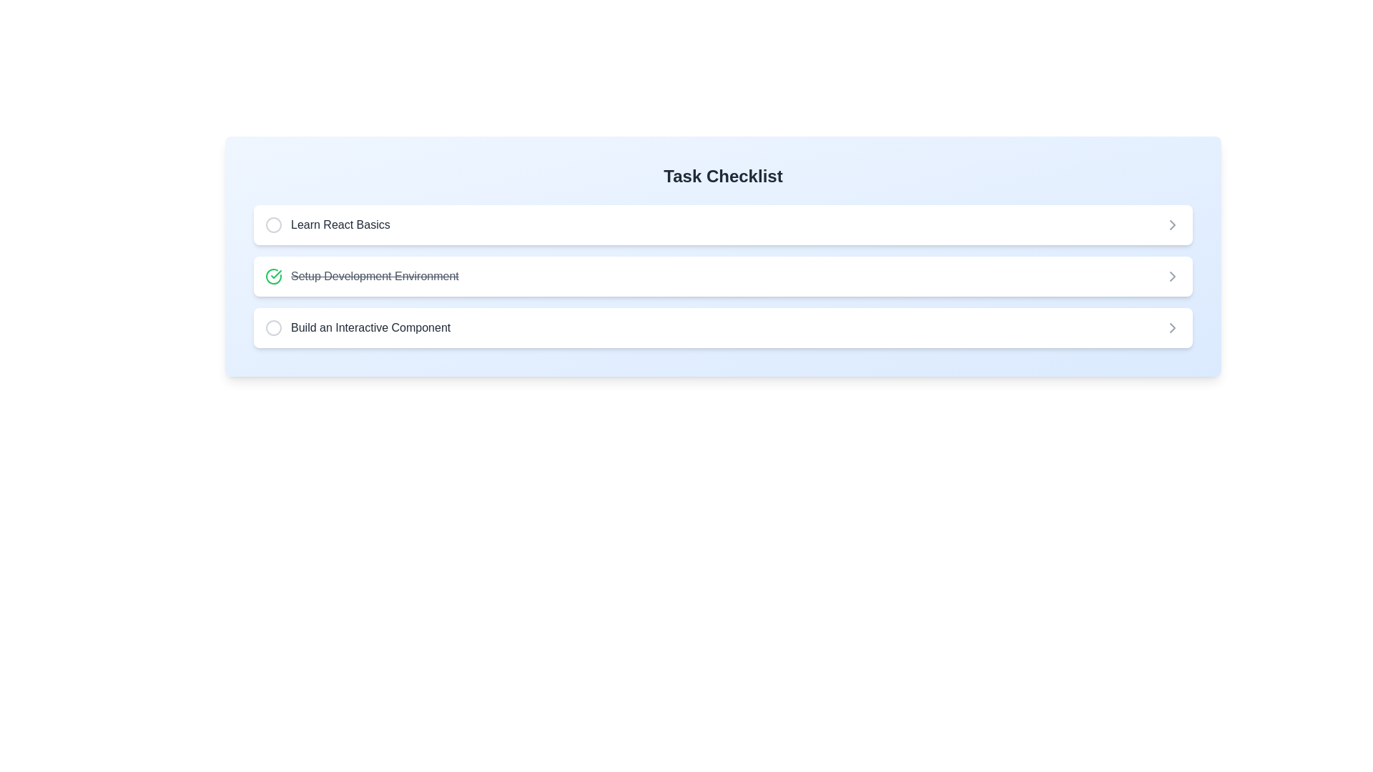 The height and width of the screenshot is (772, 1373). What do you see at coordinates (1173, 225) in the screenshot?
I see `the chevron icon located to the far right of the 'Learn React Basics' text in the checklist` at bounding box center [1173, 225].